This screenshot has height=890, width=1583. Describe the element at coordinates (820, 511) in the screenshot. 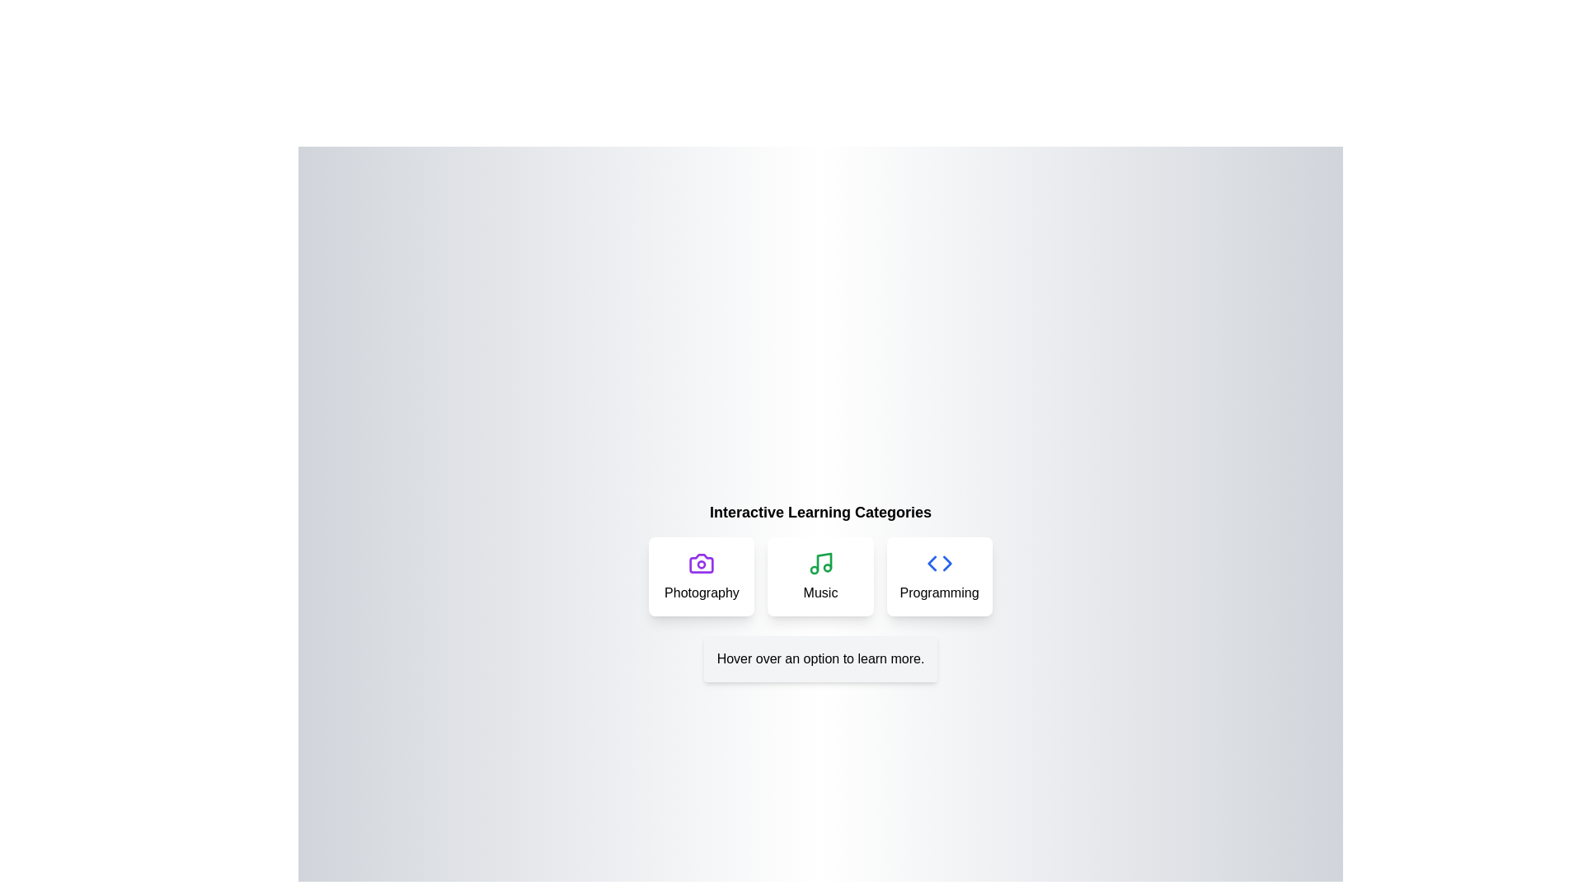

I see `text content of the title or heading located at the top center of the learning options grouping, which categorizes the available learning options such as 'Photography', 'Music', and 'Programming'` at that location.